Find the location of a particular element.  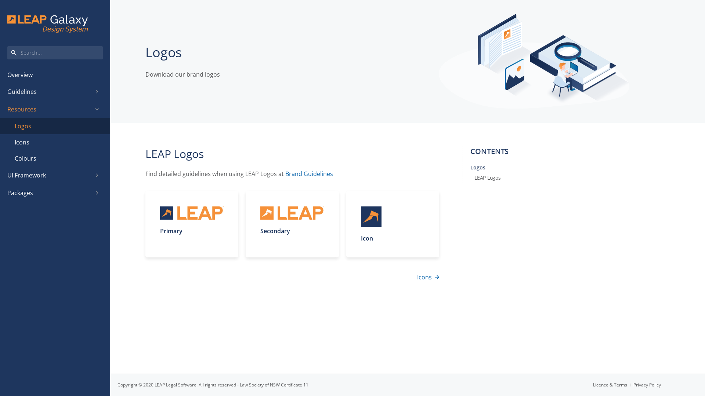

'Guidelines' is located at coordinates (49, 91).